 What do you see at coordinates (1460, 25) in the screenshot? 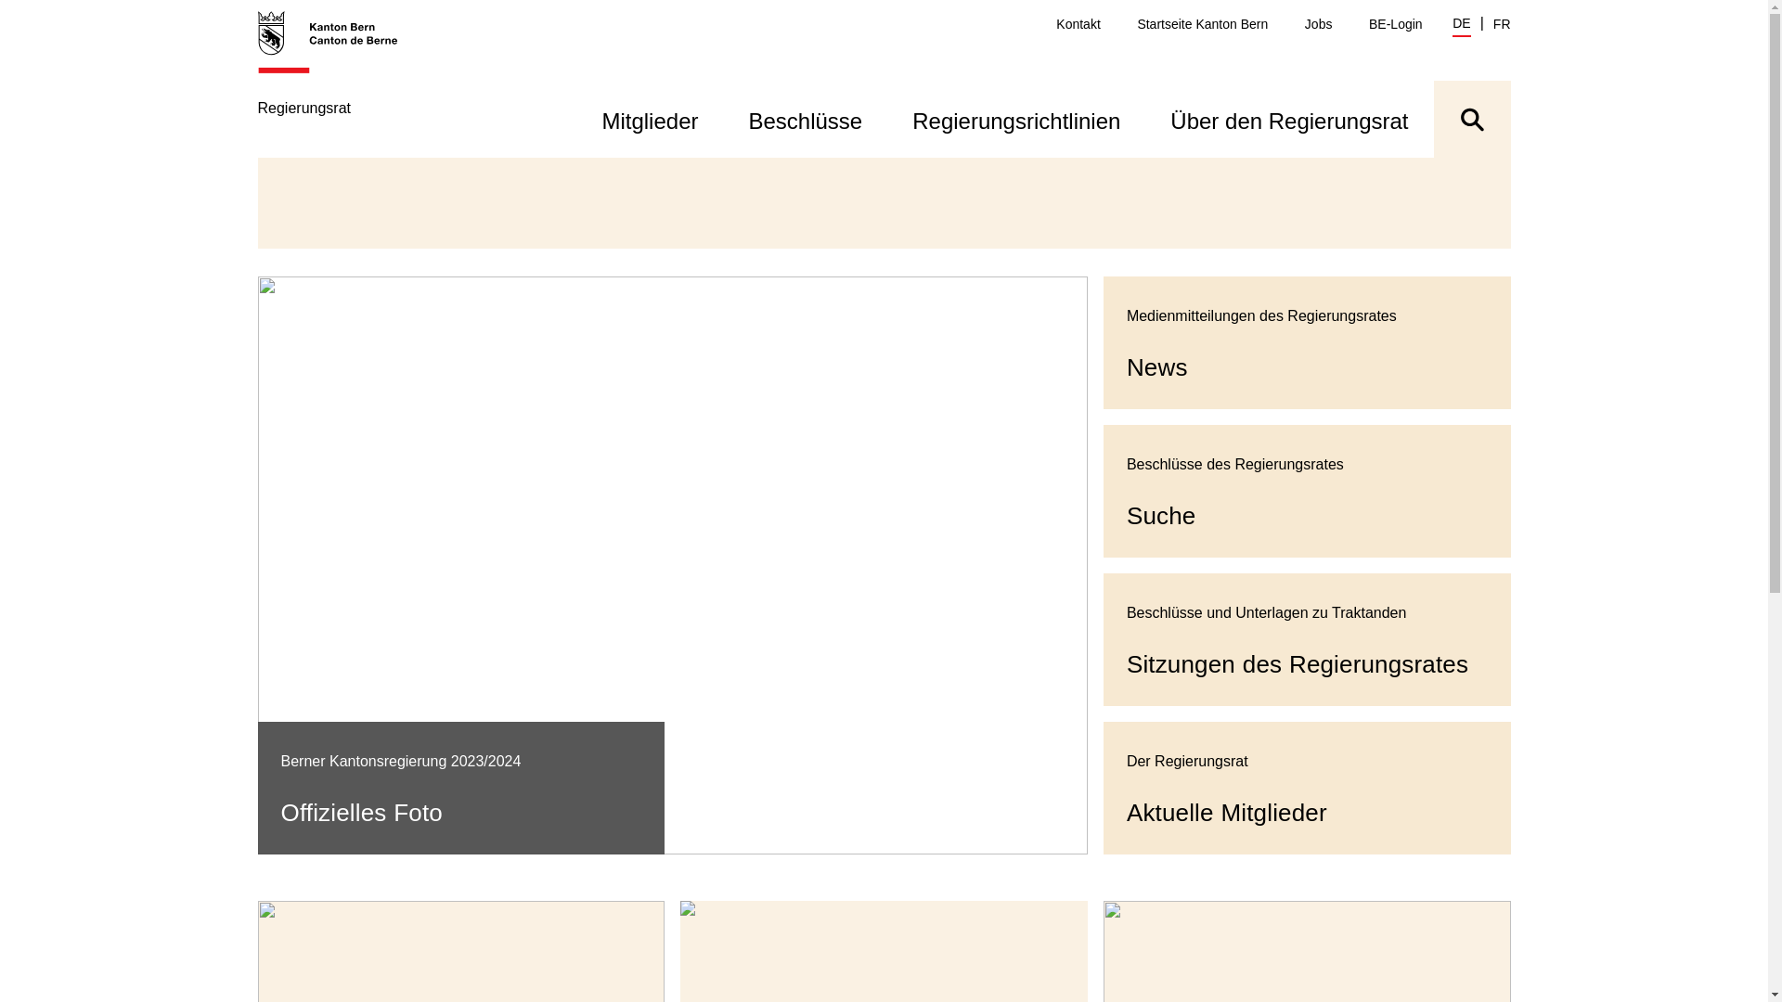
I see `'DE'` at bounding box center [1460, 25].